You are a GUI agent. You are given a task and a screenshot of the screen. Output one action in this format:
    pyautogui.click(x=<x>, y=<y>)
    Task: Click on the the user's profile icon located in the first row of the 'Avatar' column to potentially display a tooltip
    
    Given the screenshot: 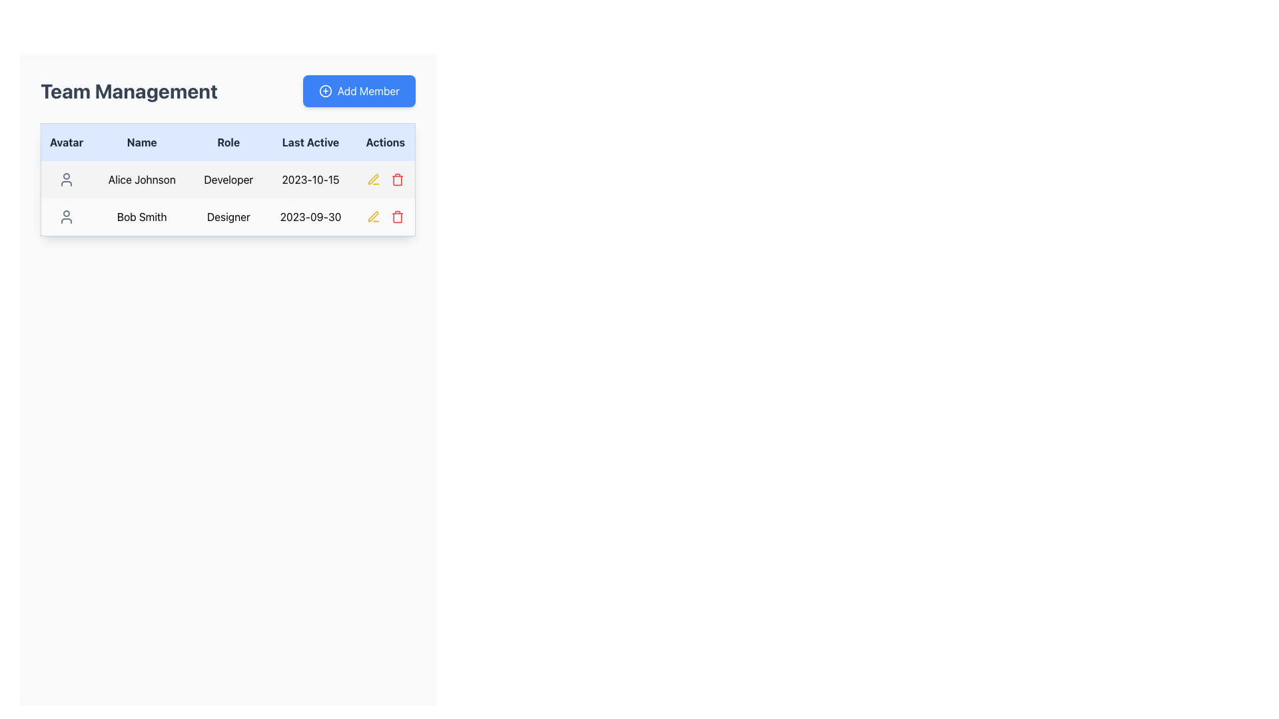 What is the action you would take?
    pyautogui.click(x=66, y=180)
    